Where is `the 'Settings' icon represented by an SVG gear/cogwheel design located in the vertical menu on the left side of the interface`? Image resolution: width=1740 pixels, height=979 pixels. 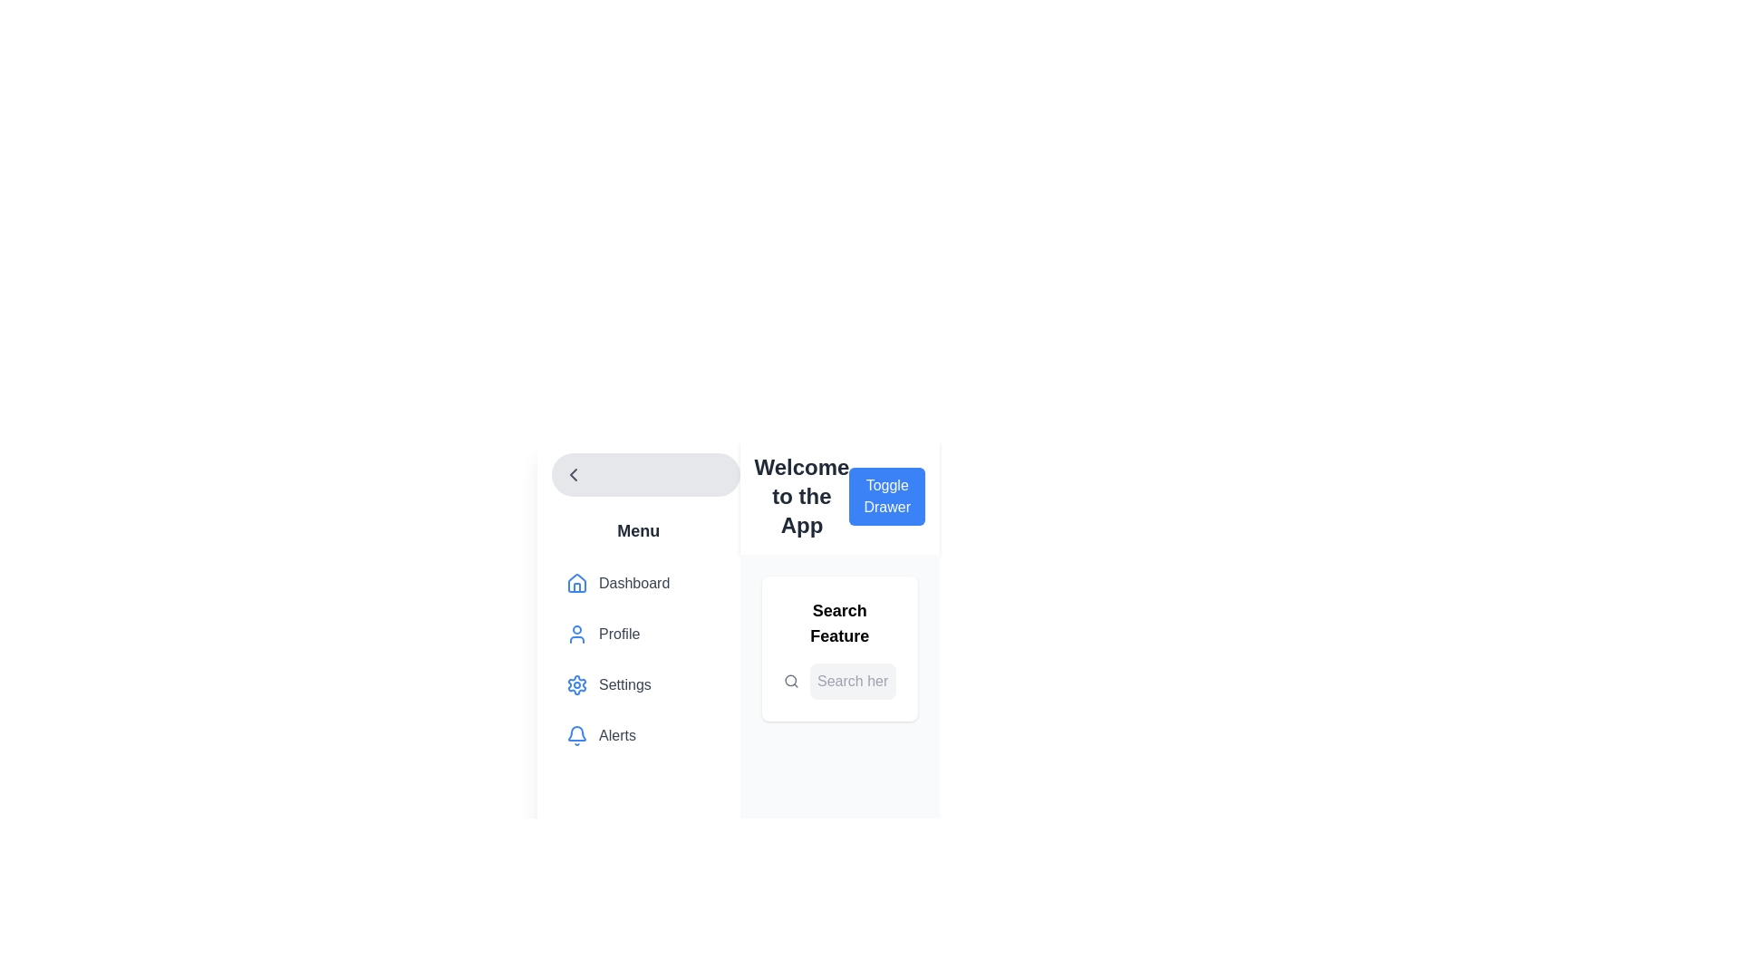
the 'Settings' icon represented by an SVG gear/cogwheel design located in the vertical menu on the left side of the interface is located at coordinates (576, 685).